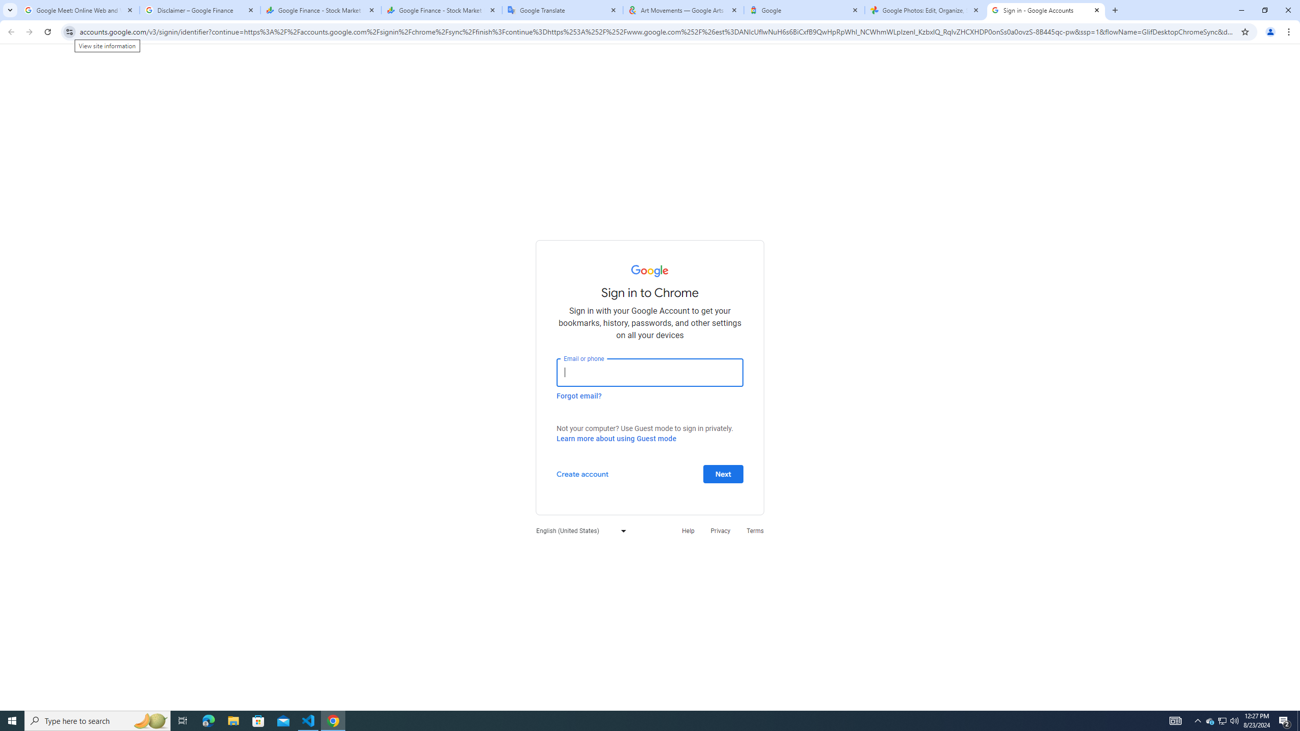  What do you see at coordinates (563, 10) in the screenshot?
I see `'Google Translate'` at bounding box center [563, 10].